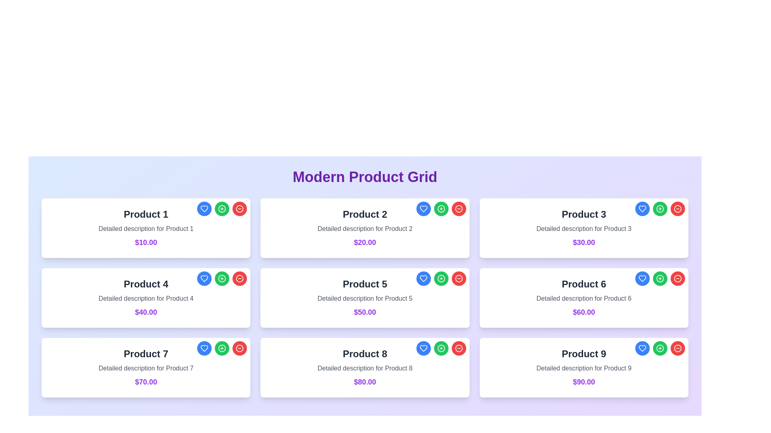 This screenshot has width=771, height=433. What do you see at coordinates (222, 208) in the screenshot?
I see `the circular green icon with a white border and a plus sign, located under 'Product 1'` at bounding box center [222, 208].